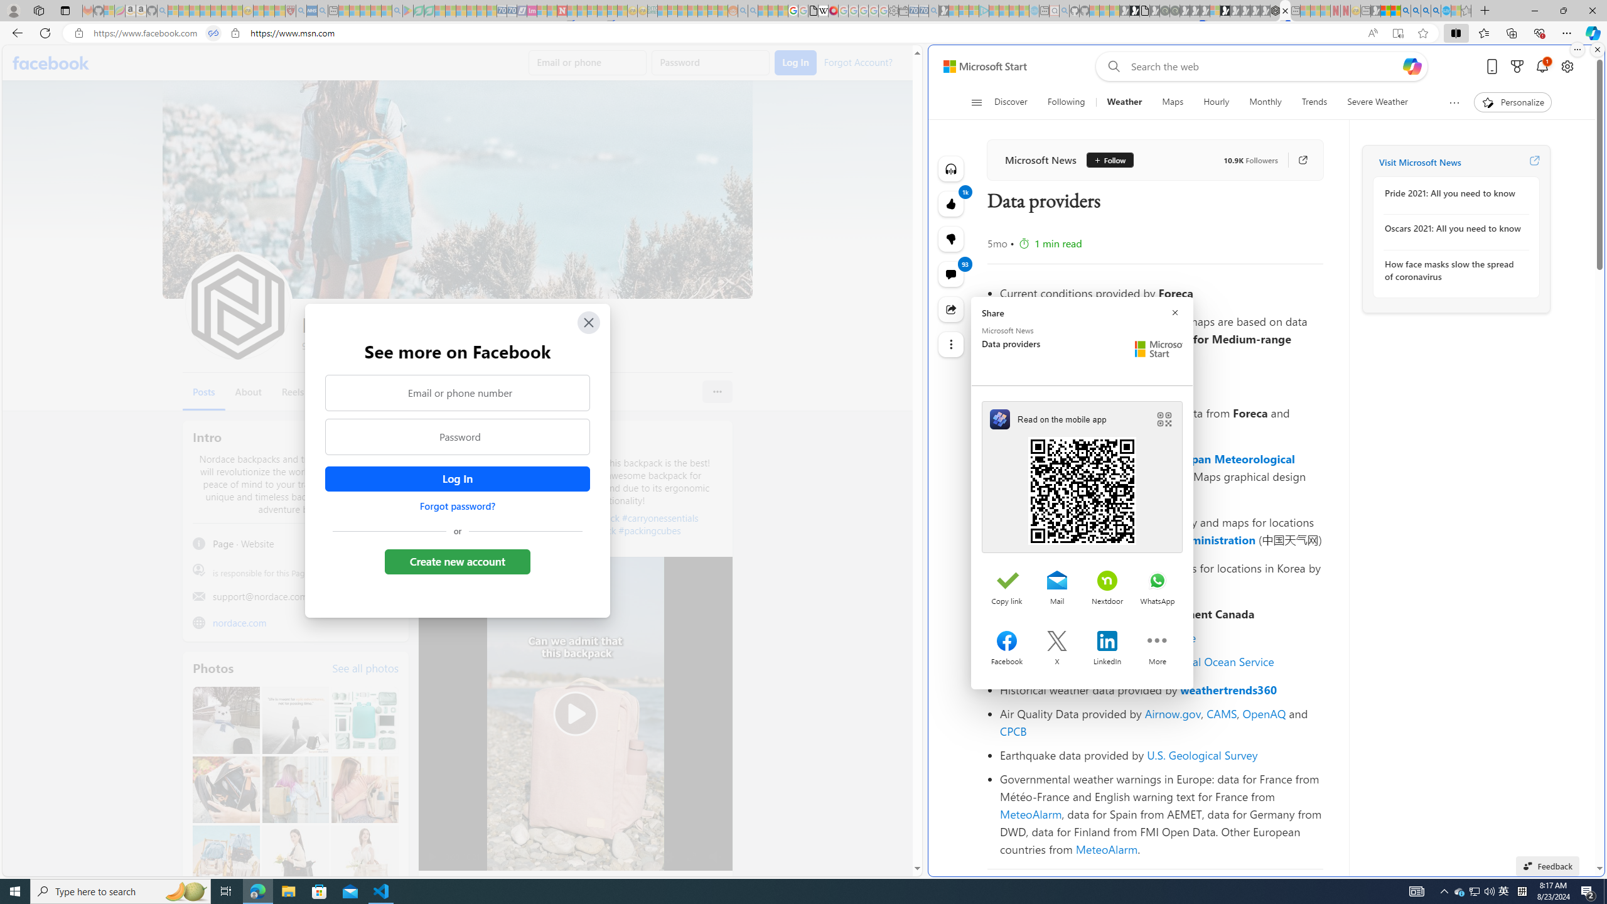 This screenshot has width=1607, height=904. Describe the element at coordinates (951, 274) in the screenshot. I see `'View comments 93 Comment'` at that location.